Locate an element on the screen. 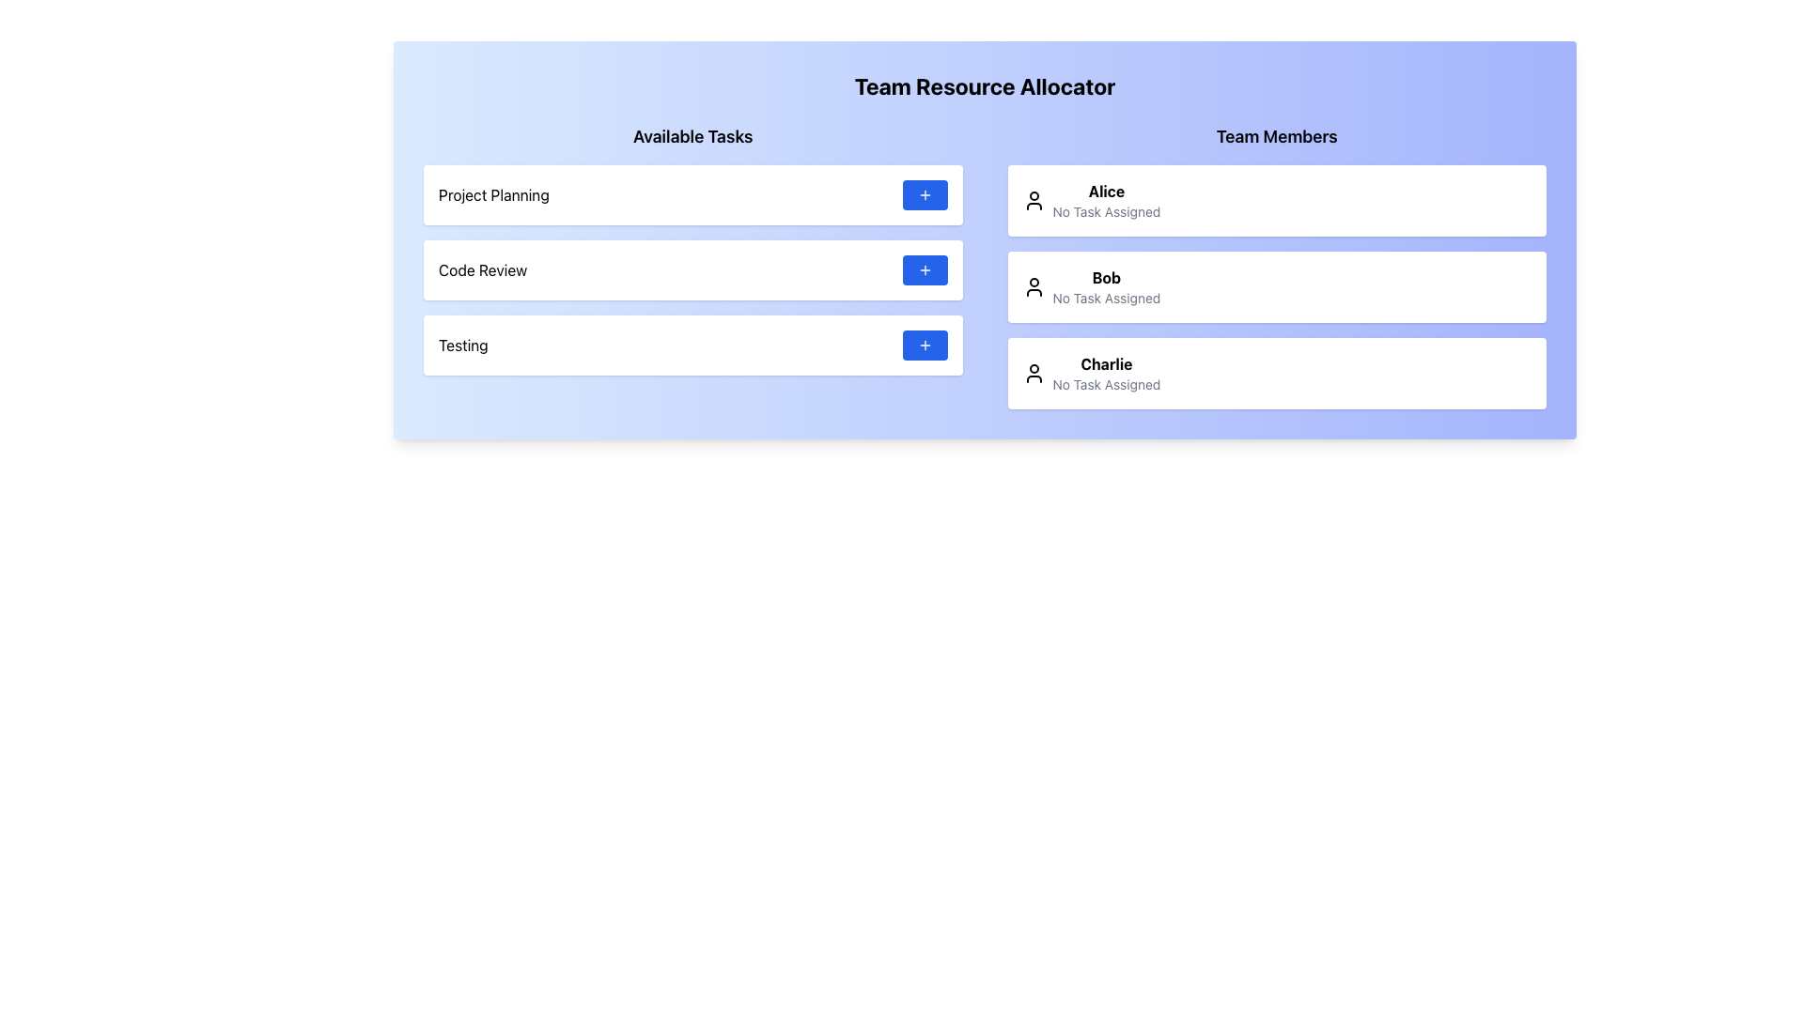 This screenshot has width=1804, height=1014. the List Item element labeled 'Bob' in the 'Team Members' section, which is the second card in the vertical list is located at coordinates (1277, 286).